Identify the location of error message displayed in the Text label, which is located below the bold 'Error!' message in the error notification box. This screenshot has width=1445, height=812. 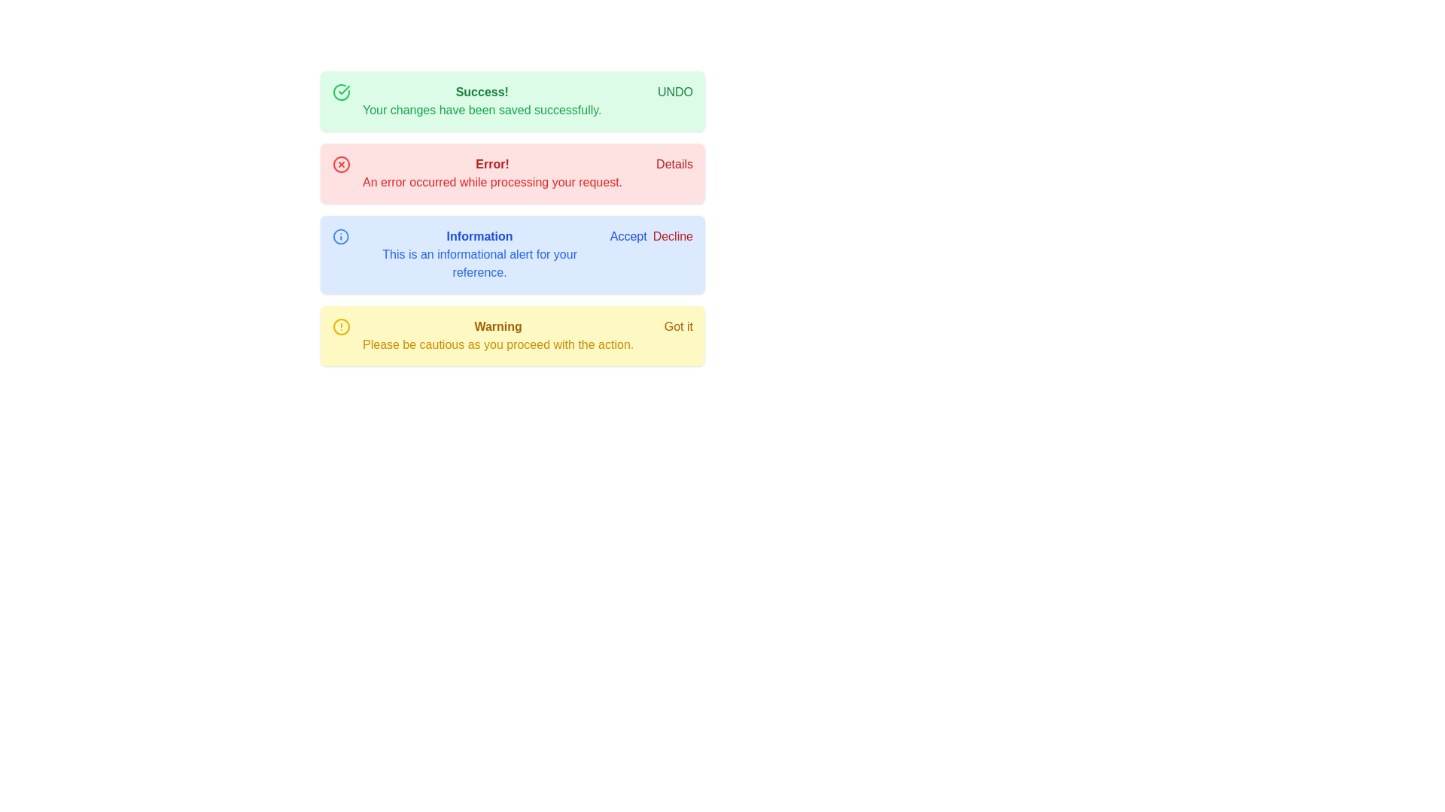
(492, 182).